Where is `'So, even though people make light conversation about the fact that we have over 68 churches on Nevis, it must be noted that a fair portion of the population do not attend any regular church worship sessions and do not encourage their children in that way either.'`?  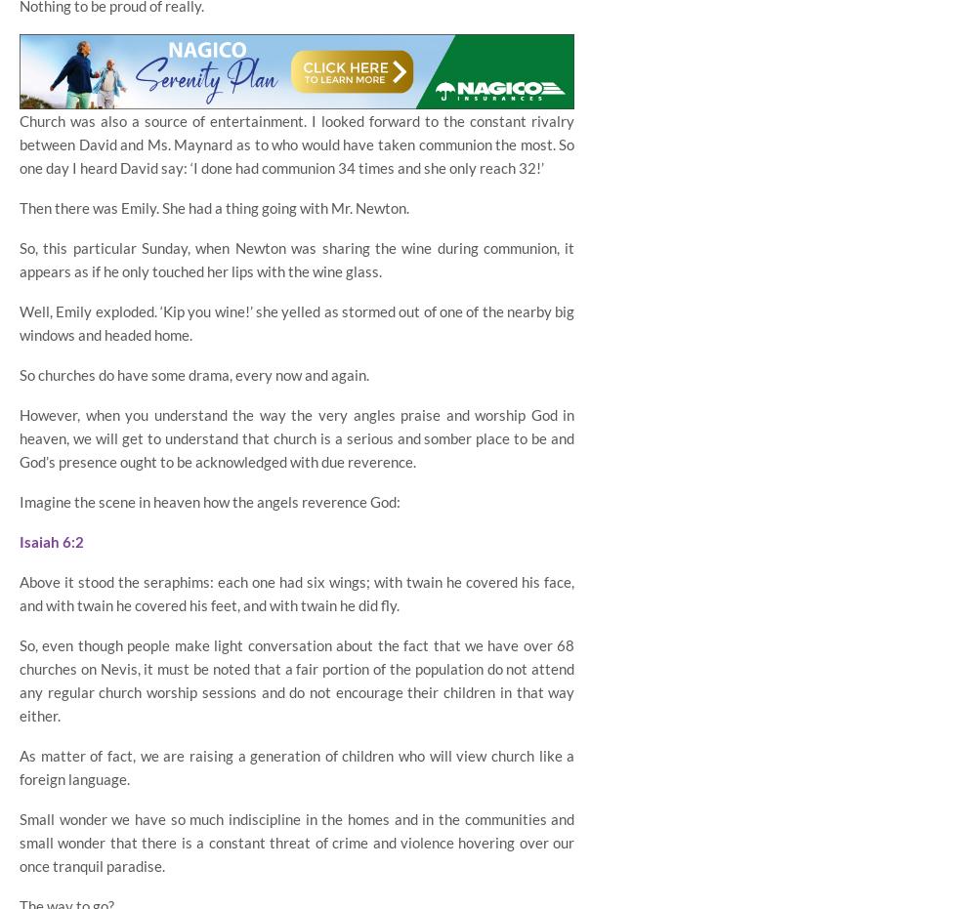 'So, even though people make light conversation about the fact that we have over 68 churches on Nevis, it must be noted that a fair portion of the population do not attend any regular church worship sessions and do not encourage their children in that way either.' is located at coordinates (296, 679).